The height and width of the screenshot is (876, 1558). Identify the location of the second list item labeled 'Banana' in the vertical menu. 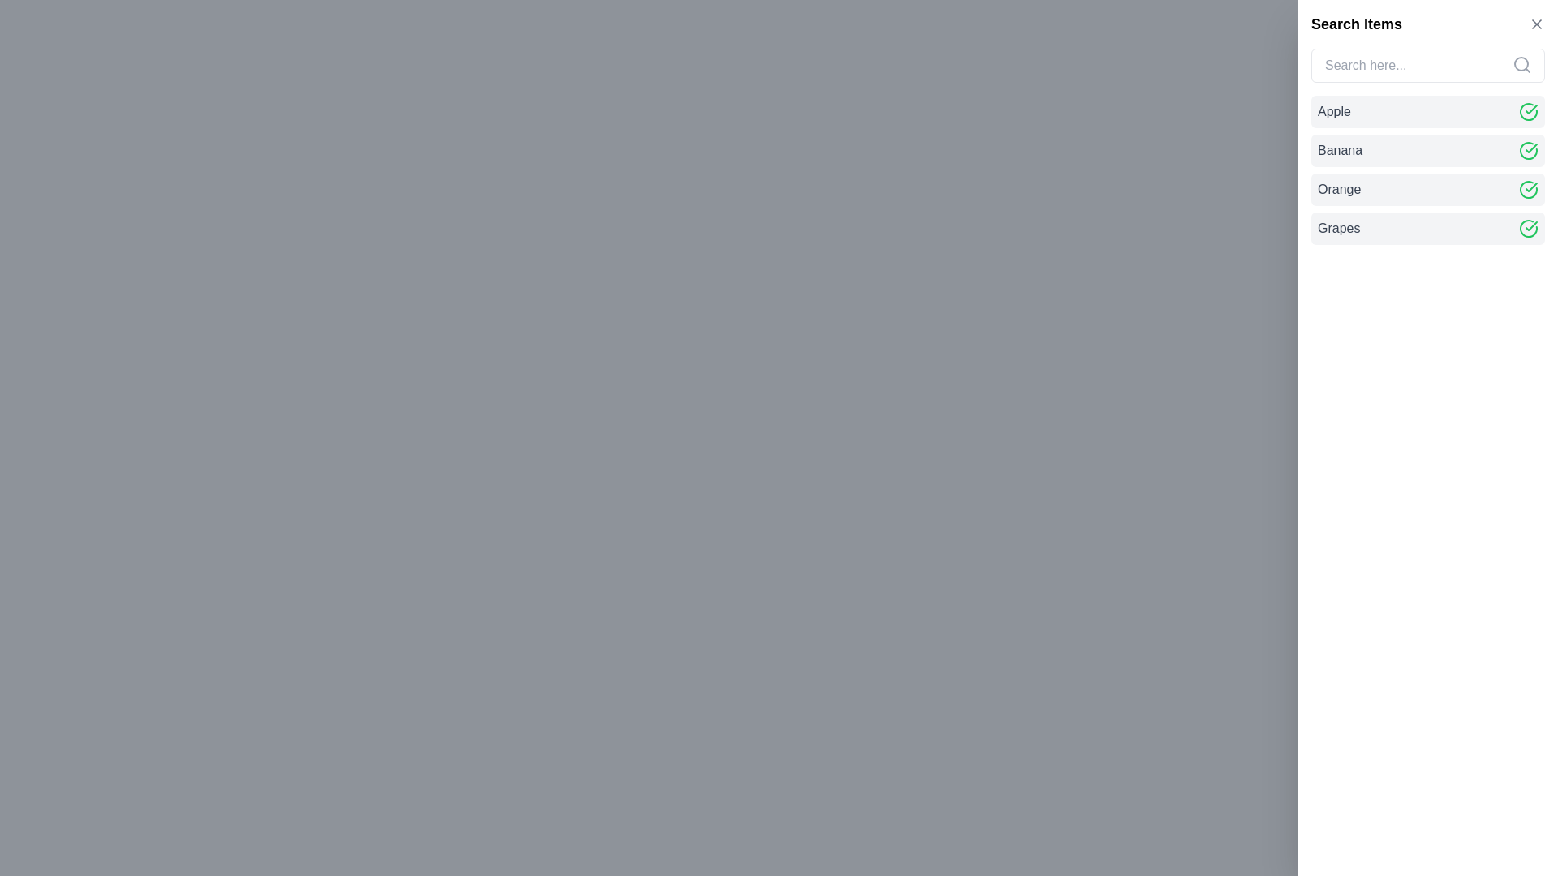
(1428, 170).